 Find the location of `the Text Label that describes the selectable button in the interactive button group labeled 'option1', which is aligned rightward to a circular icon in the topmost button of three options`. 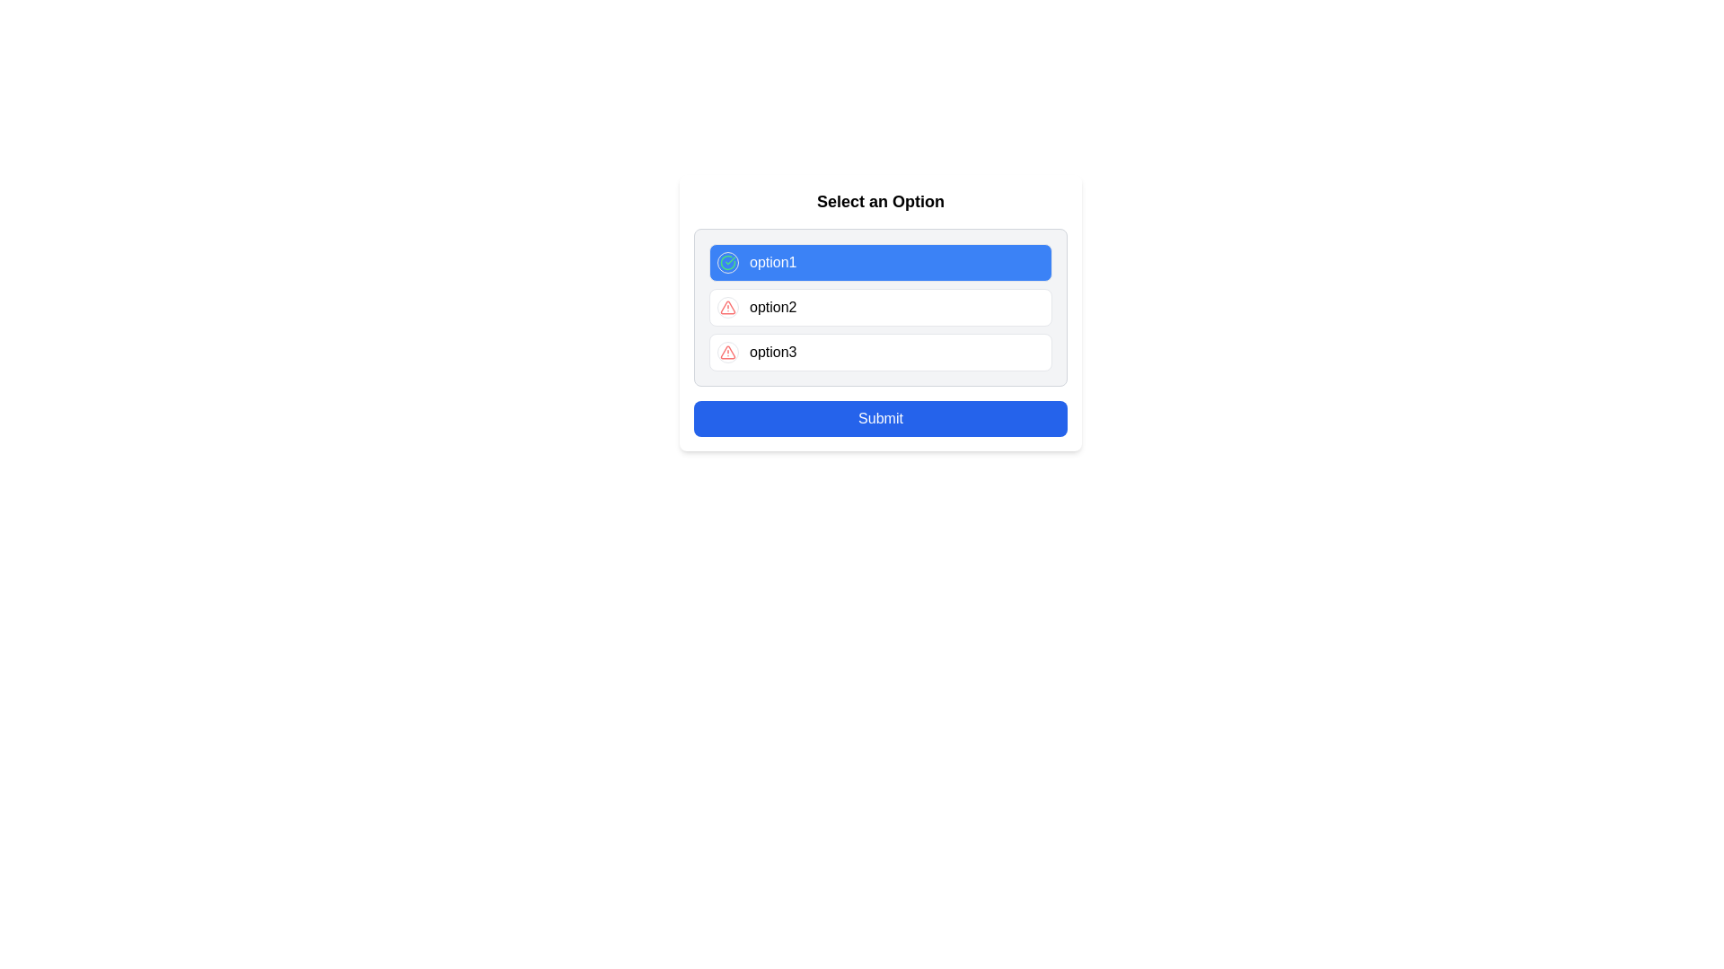

the Text Label that describes the selectable button in the interactive button group labeled 'option1', which is aligned rightward to a circular icon in the topmost button of three options is located at coordinates (773, 263).